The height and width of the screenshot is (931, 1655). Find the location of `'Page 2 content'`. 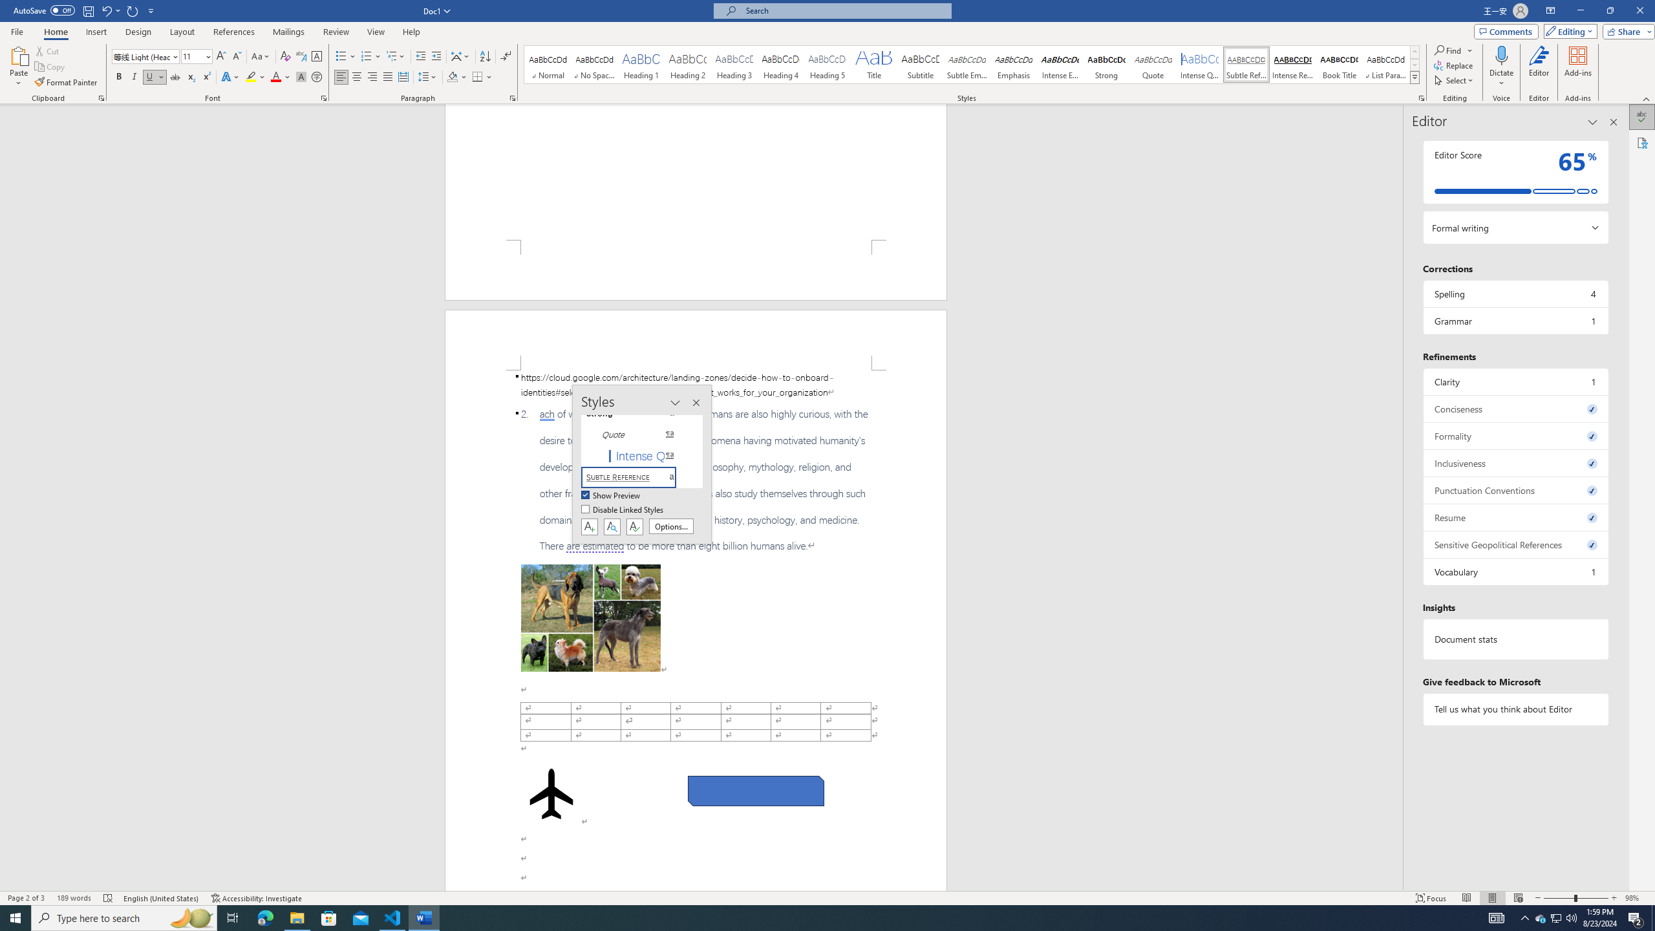

'Page 2 content' is located at coordinates (696, 630).